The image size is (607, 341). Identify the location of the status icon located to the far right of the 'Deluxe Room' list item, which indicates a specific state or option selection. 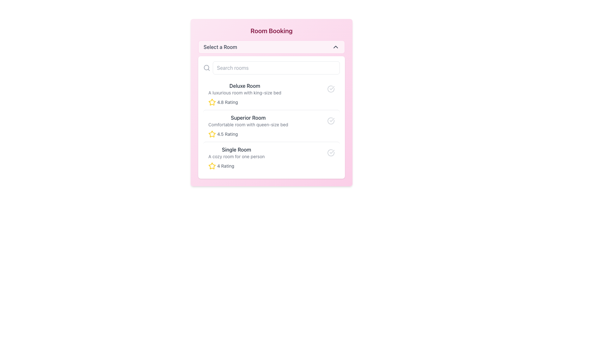
(330, 89).